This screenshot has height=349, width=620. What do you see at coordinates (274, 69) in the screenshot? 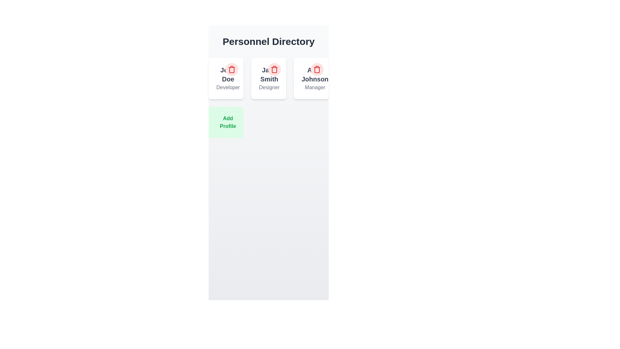
I see `the red trash bin icon located in the top-right corner of the card for 'Smith' the 'Designer'` at bounding box center [274, 69].